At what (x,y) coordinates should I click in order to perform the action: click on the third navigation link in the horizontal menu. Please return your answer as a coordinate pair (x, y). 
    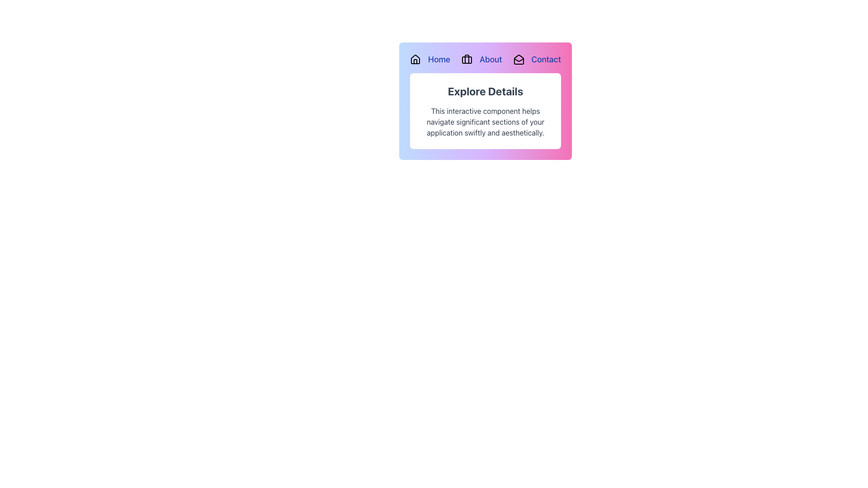
    Looking at the image, I should click on (537, 59).